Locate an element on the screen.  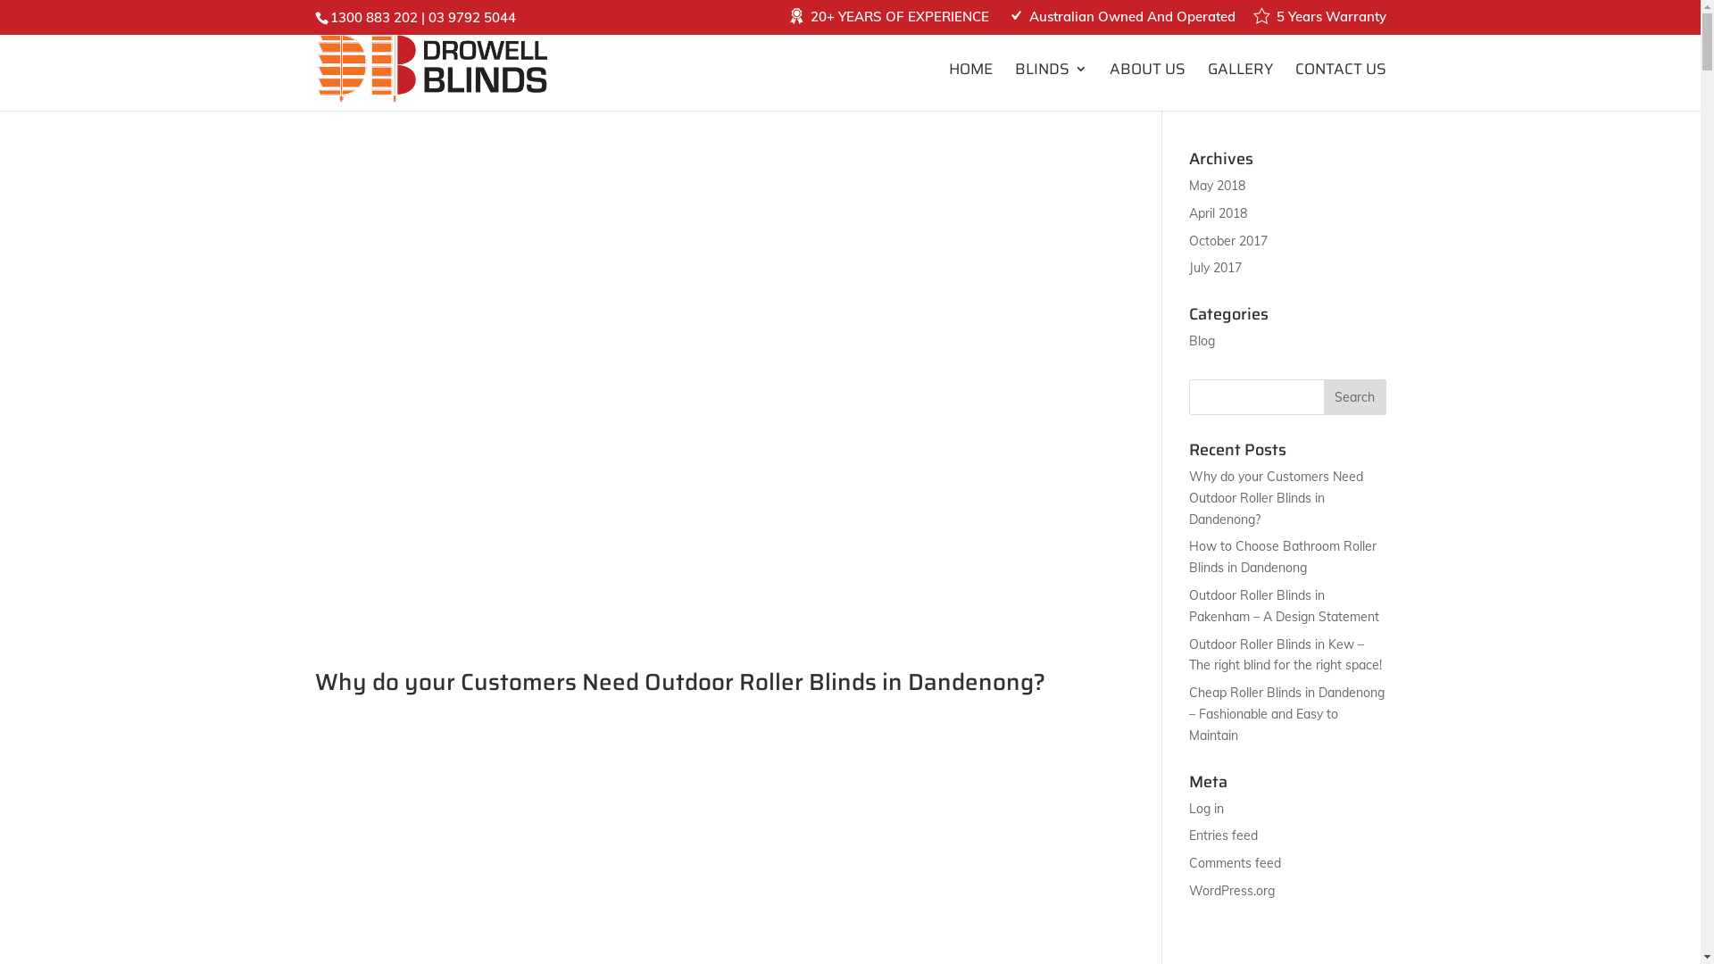
'CONTACT US' is located at coordinates (1340, 86).